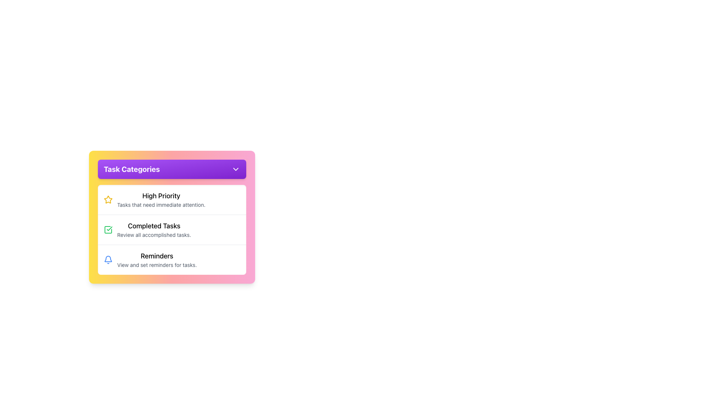 The width and height of the screenshot is (712, 401). What do you see at coordinates (172, 229) in the screenshot?
I see `information displayed in the List of categorized cards, which is a subsection of the 'Task Categories' panel with a white background and rounded corners, positioned under the header` at bounding box center [172, 229].